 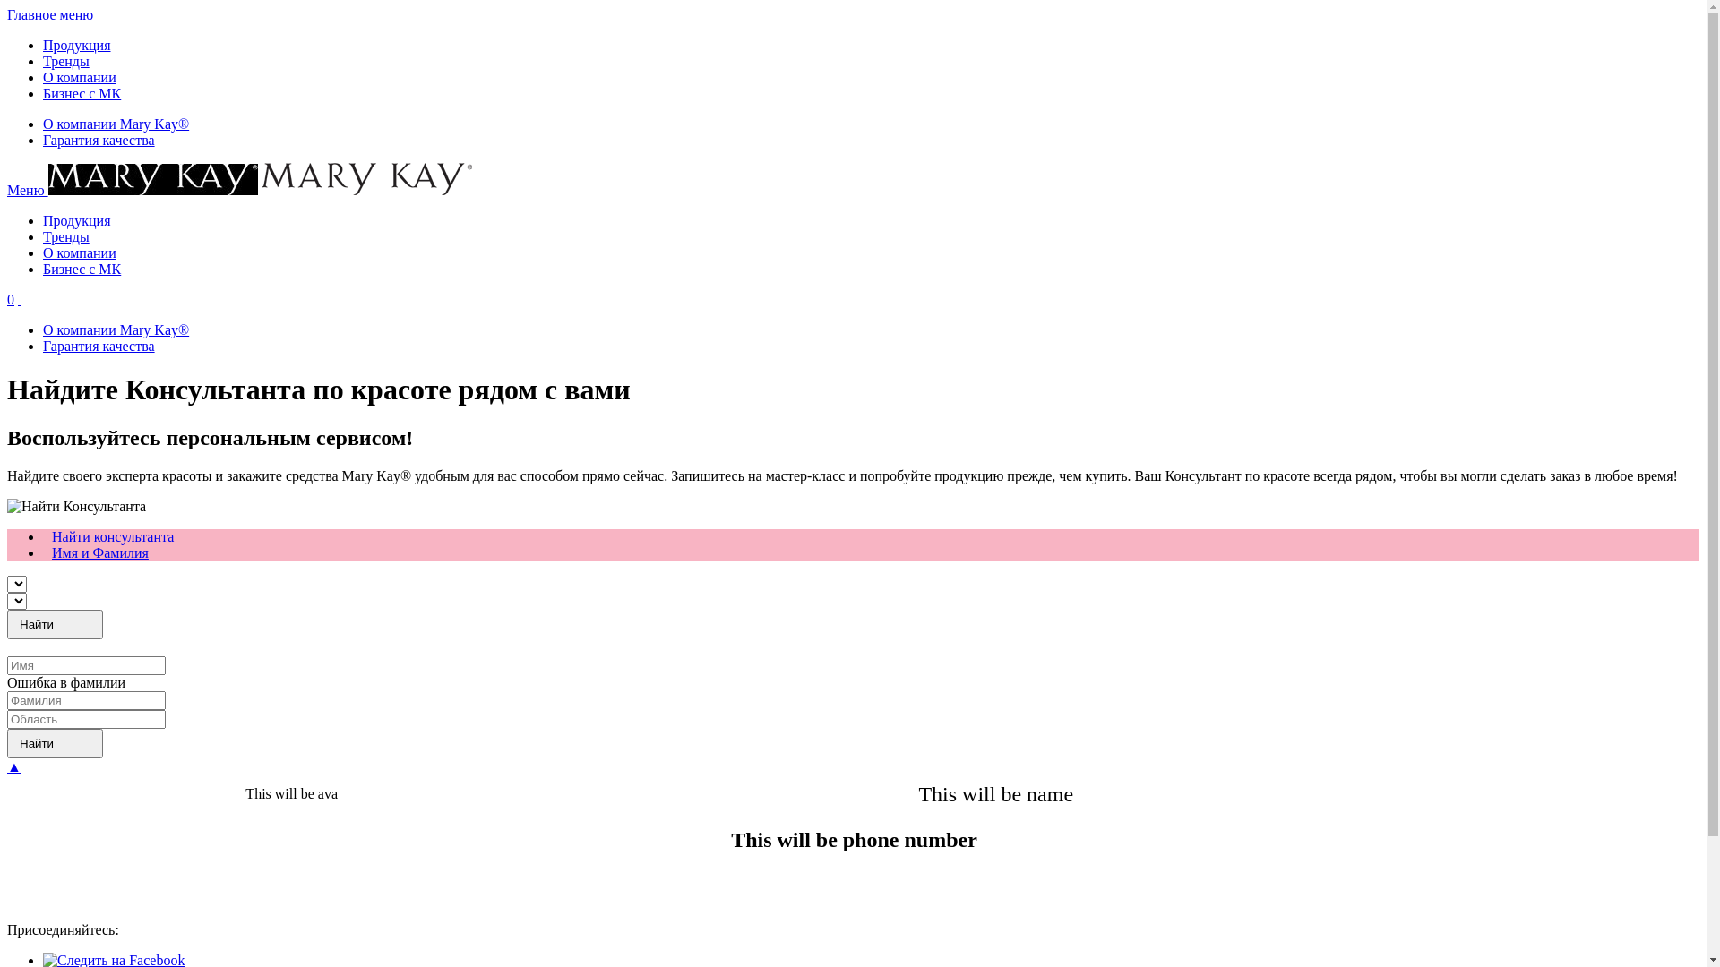 What do you see at coordinates (20, 298) in the screenshot?
I see `' '` at bounding box center [20, 298].